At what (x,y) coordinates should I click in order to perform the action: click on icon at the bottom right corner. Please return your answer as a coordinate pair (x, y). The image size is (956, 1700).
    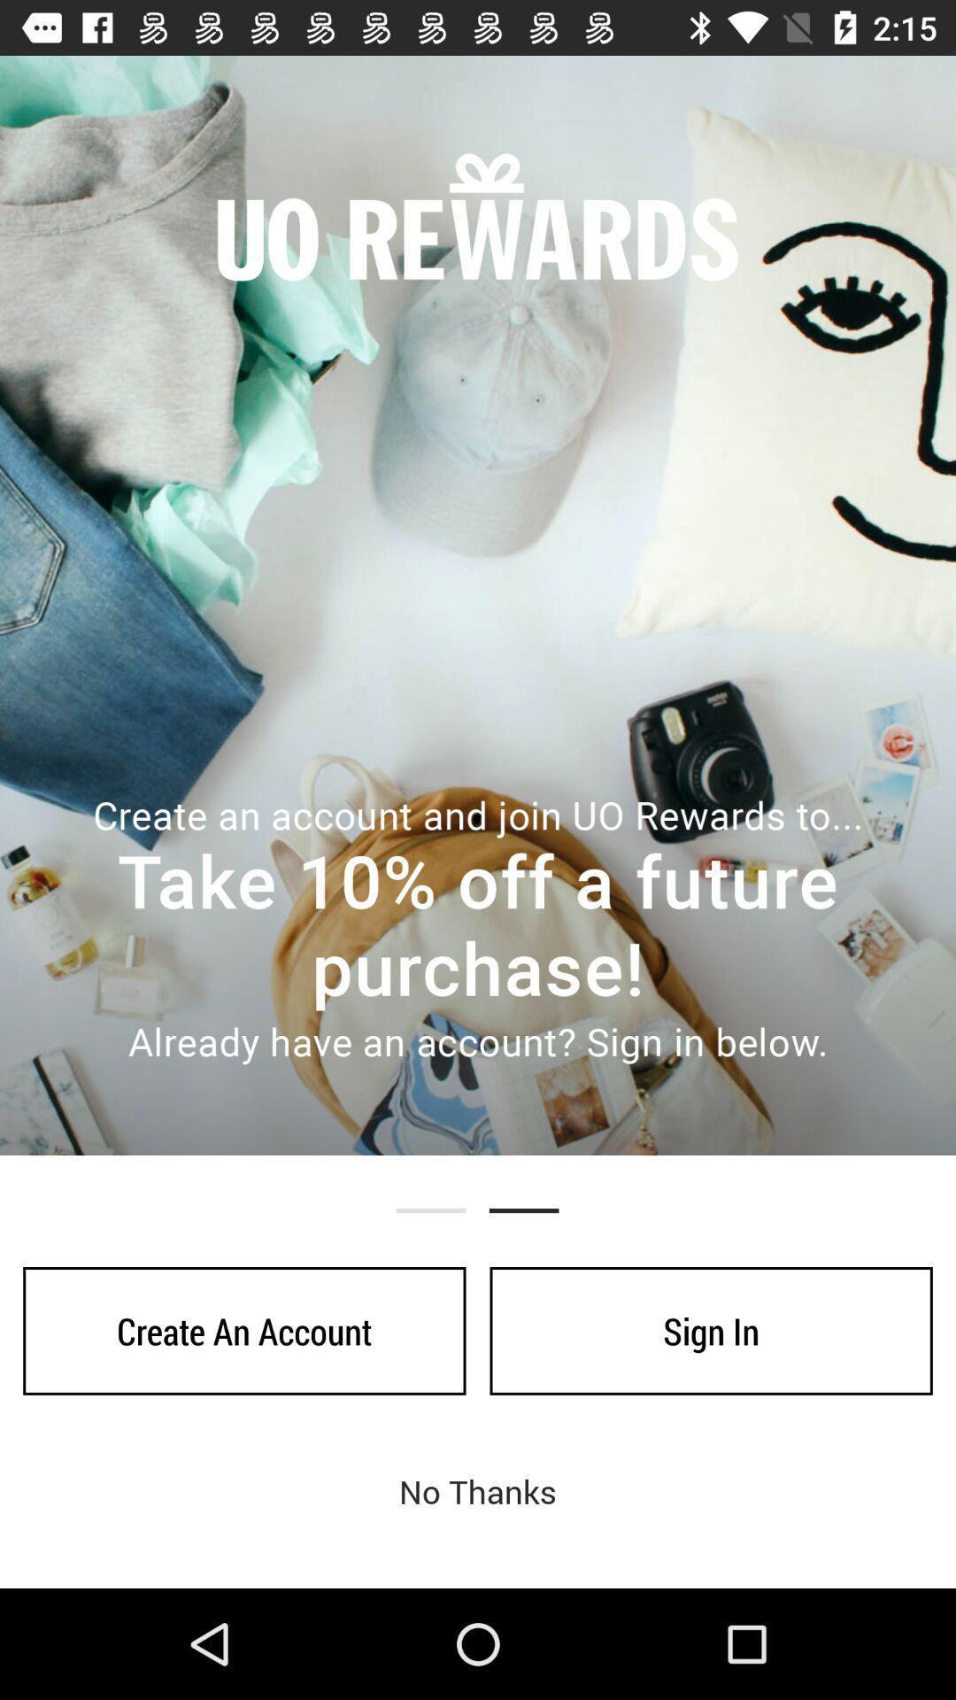
    Looking at the image, I should click on (710, 1331).